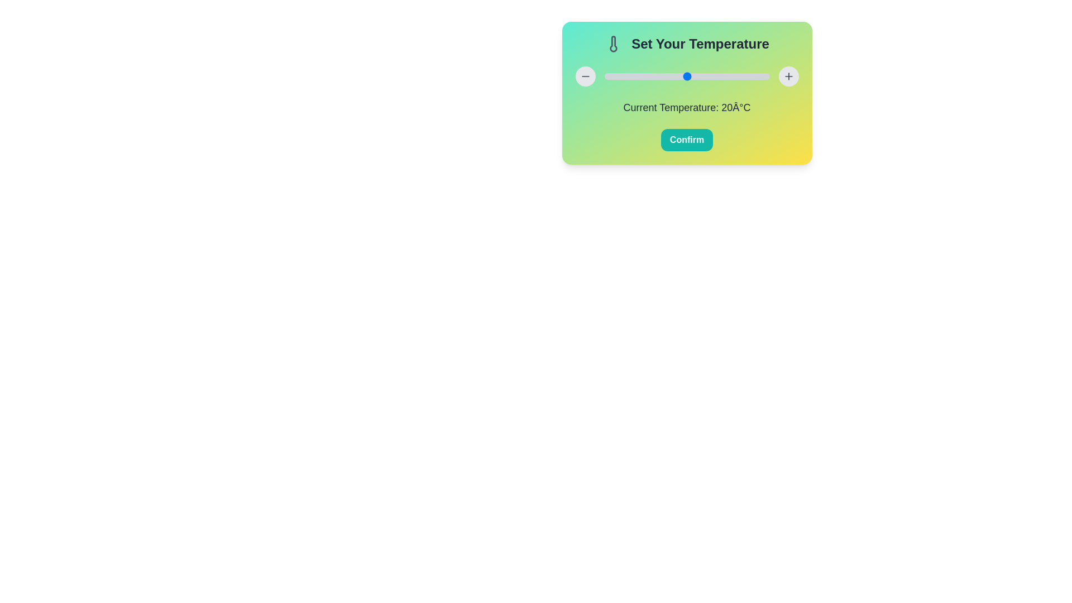 This screenshot has height=603, width=1072. What do you see at coordinates (724, 76) in the screenshot?
I see `the temperature slider to set the temperature to 29°C` at bounding box center [724, 76].